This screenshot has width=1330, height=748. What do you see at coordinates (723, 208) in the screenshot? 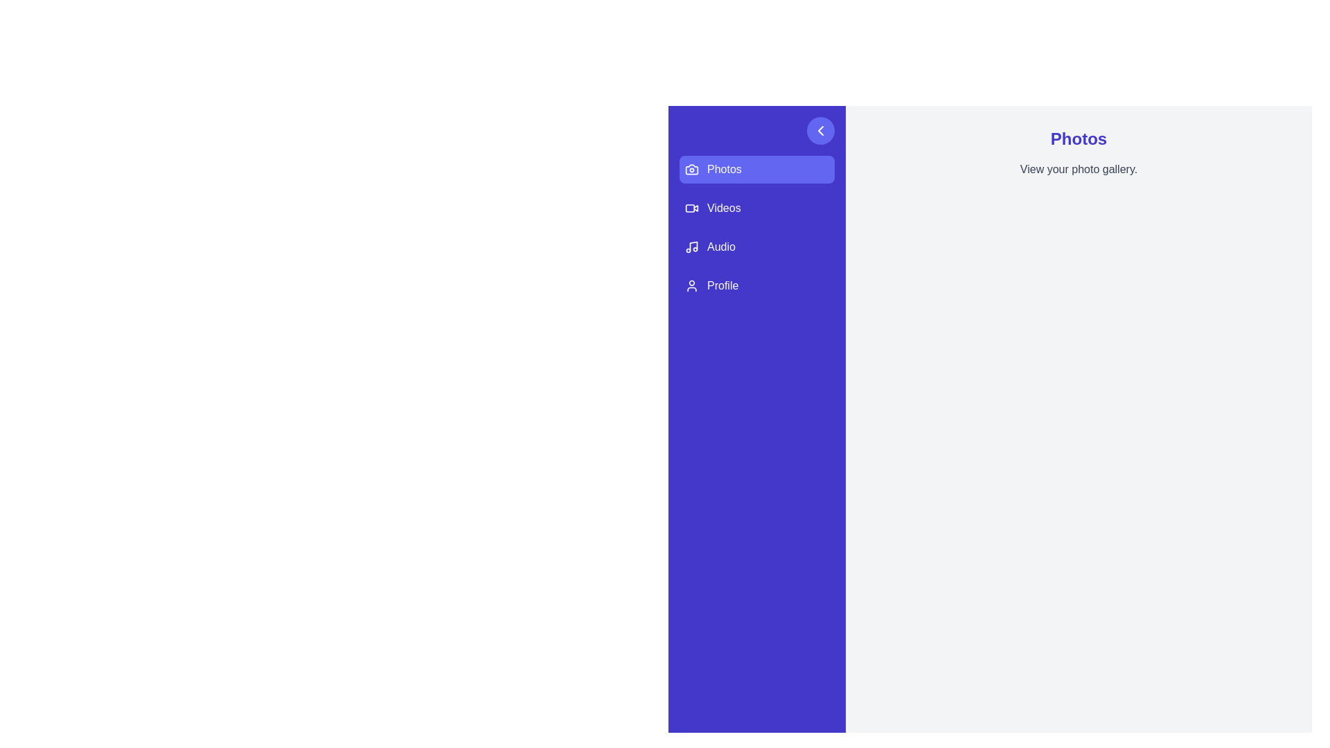
I see `the 'Videos' text label in the vertical navigation menu` at bounding box center [723, 208].